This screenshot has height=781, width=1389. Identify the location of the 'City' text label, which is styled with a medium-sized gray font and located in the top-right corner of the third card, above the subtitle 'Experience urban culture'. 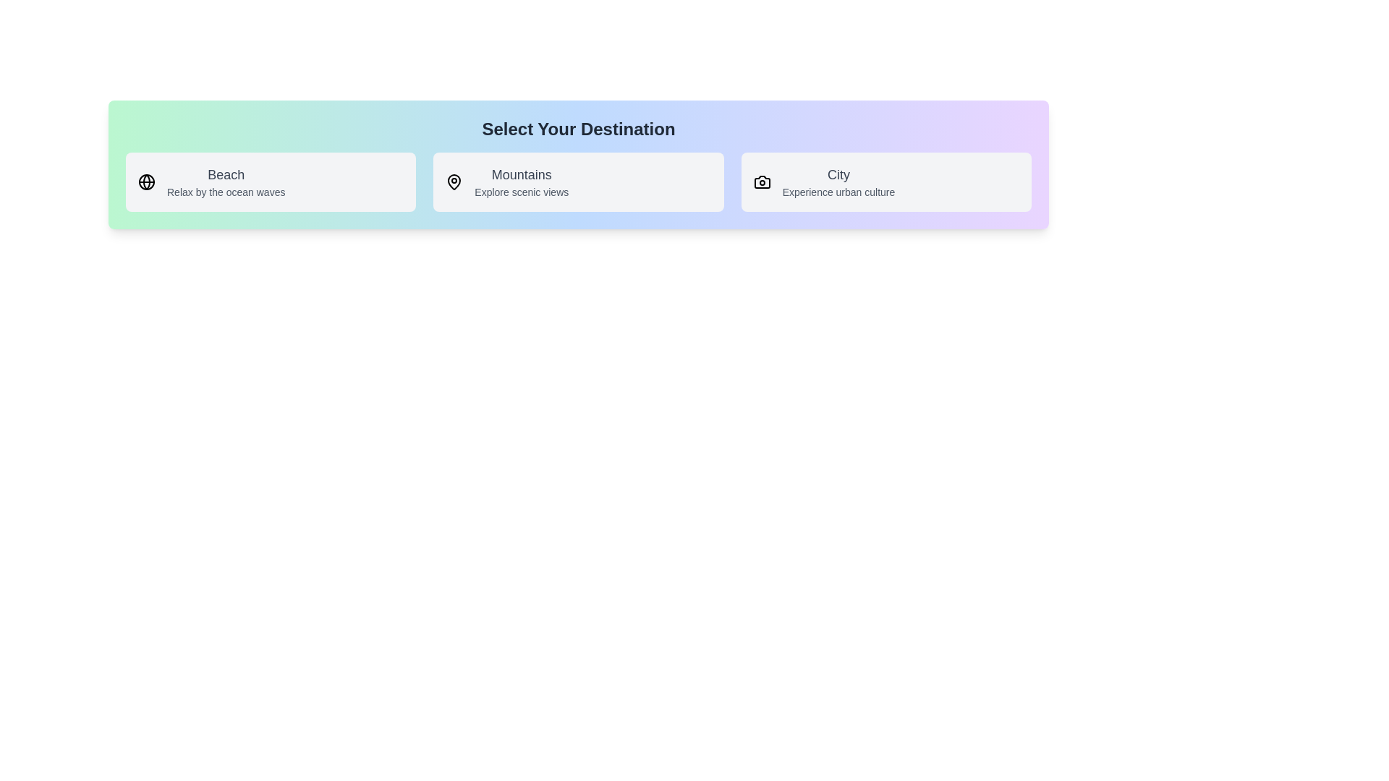
(838, 174).